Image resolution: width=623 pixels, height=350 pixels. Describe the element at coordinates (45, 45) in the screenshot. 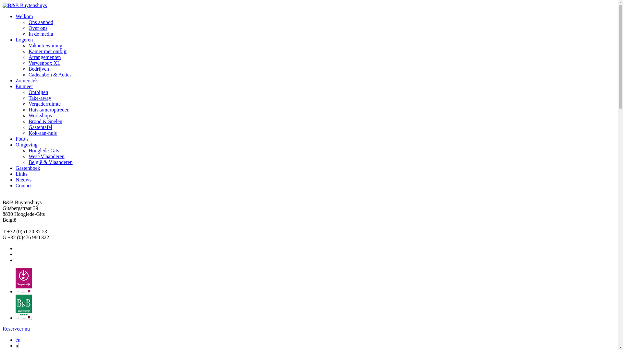

I see `'Vakantiewoning'` at that location.